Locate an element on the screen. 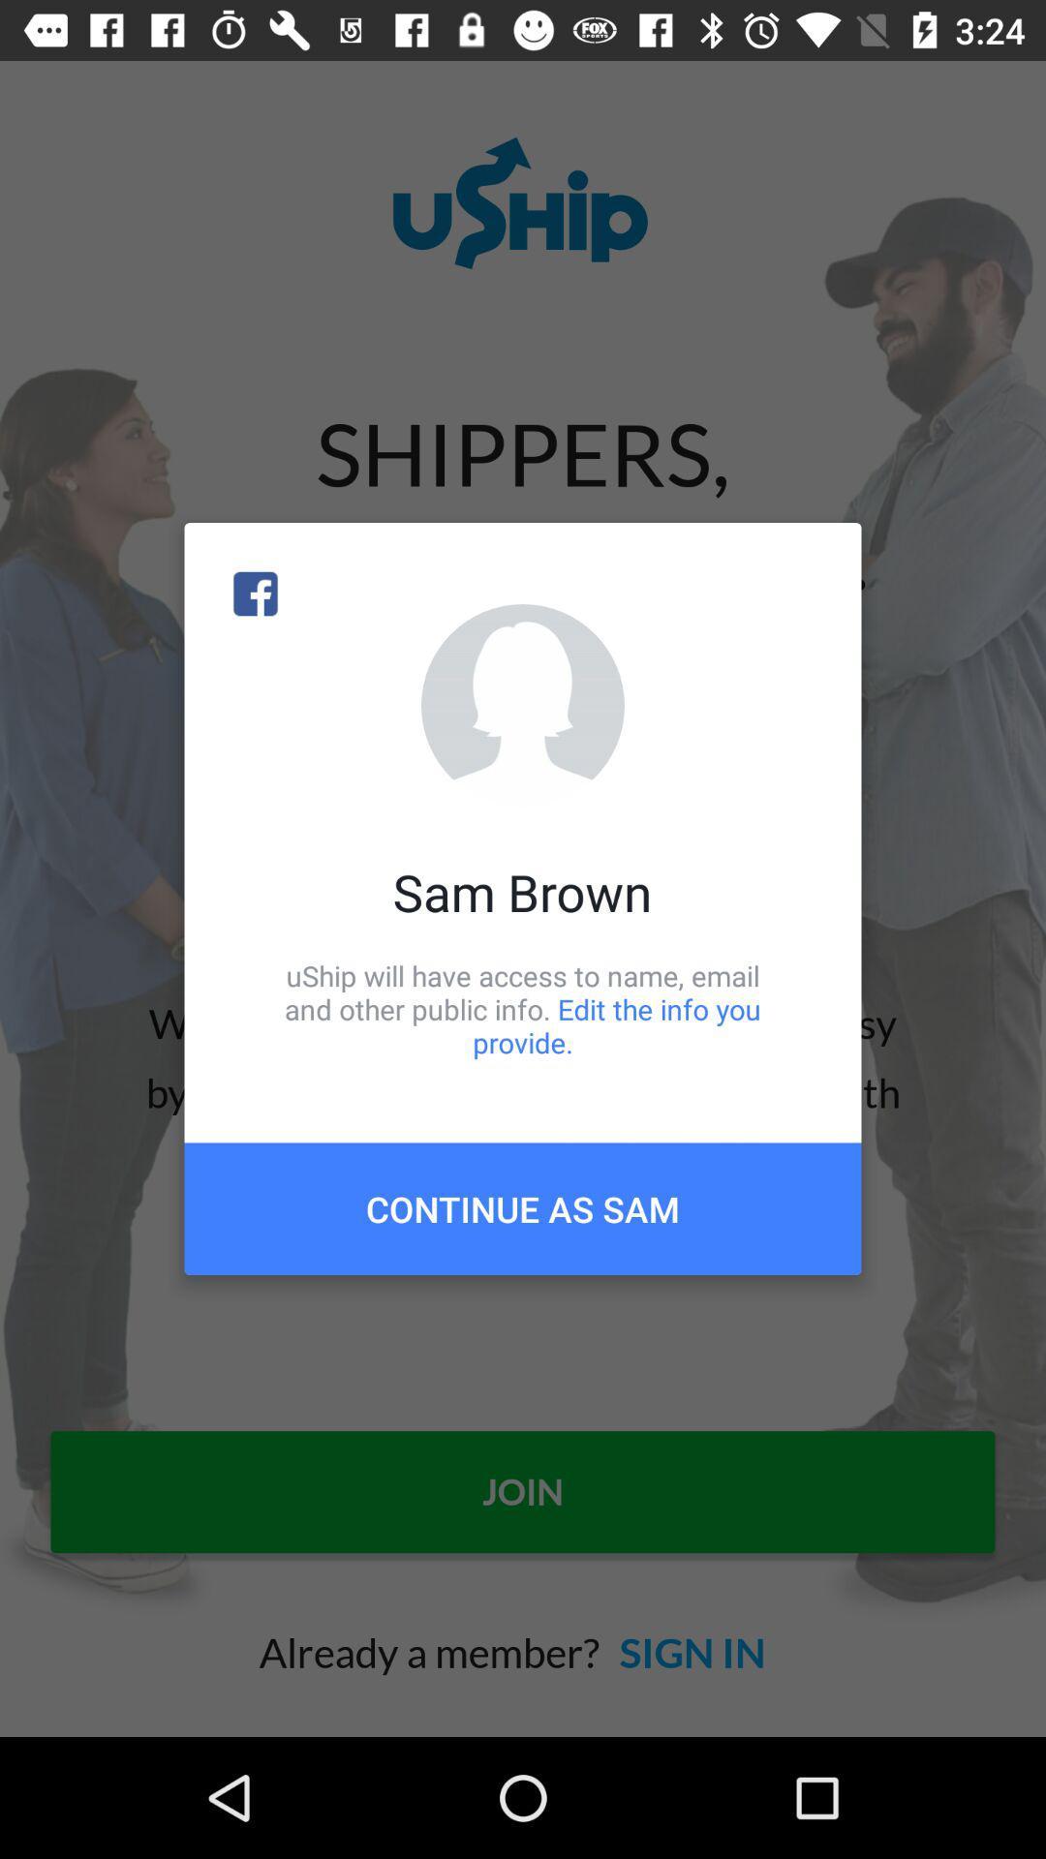 The width and height of the screenshot is (1046, 1859). the continue as sam item is located at coordinates (523, 1207).